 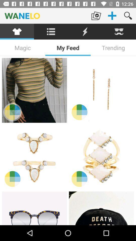 I want to click on item selection, so click(x=34, y=157).